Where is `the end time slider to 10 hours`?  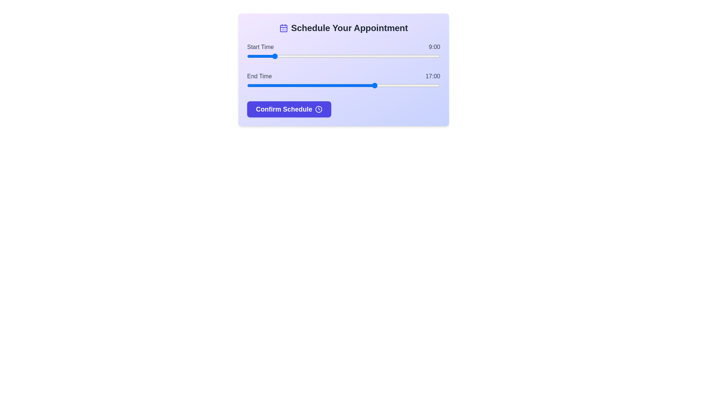 the end time slider to 10 hours is located at coordinates (285, 85).